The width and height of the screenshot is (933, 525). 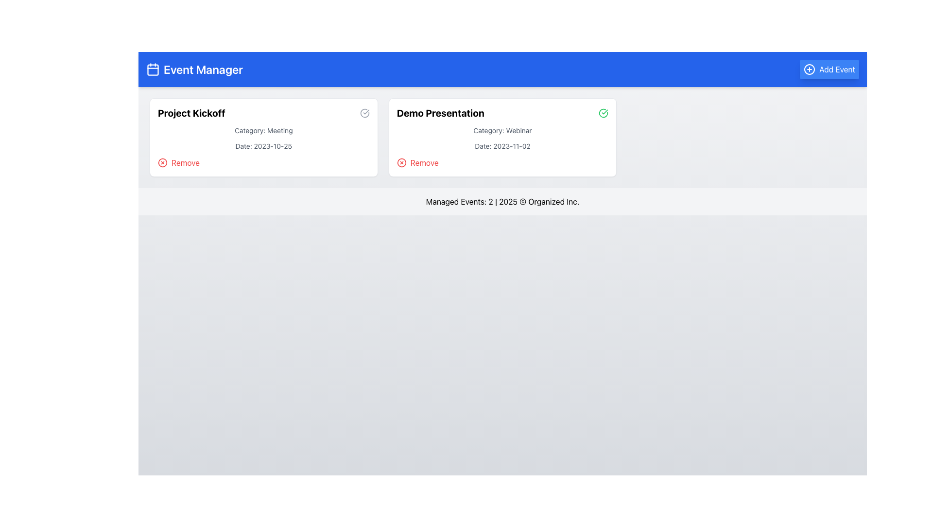 I want to click on text element displaying the category 'Meeting' located within the white rectangular card titled 'Project Kickoff', positioned between the title and the date text, so click(x=263, y=130).